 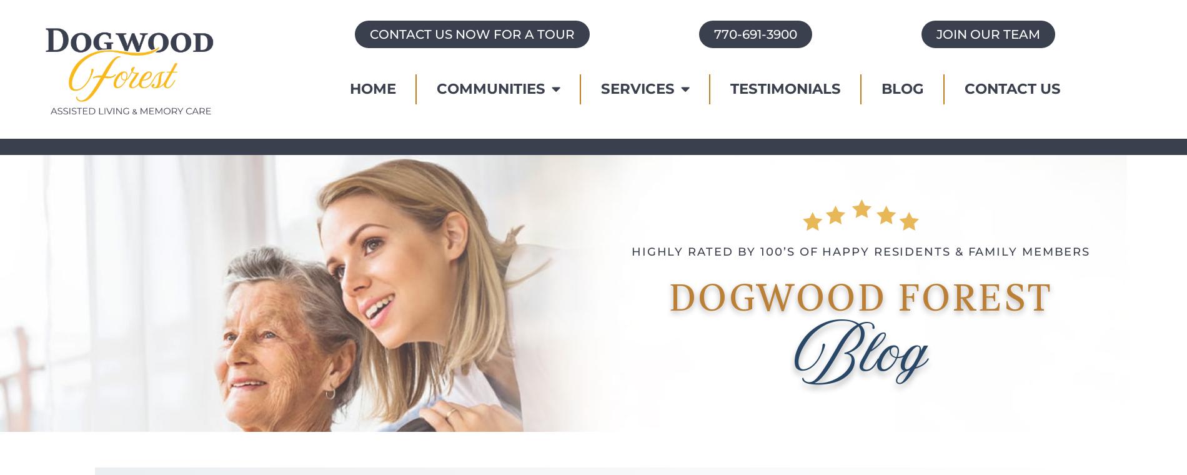 I want to click on 'HIGHLY RATED BY 100’S OF HAPPY RESIDENTS & FAMILY MEMBERS', so click(x=631, y=251).